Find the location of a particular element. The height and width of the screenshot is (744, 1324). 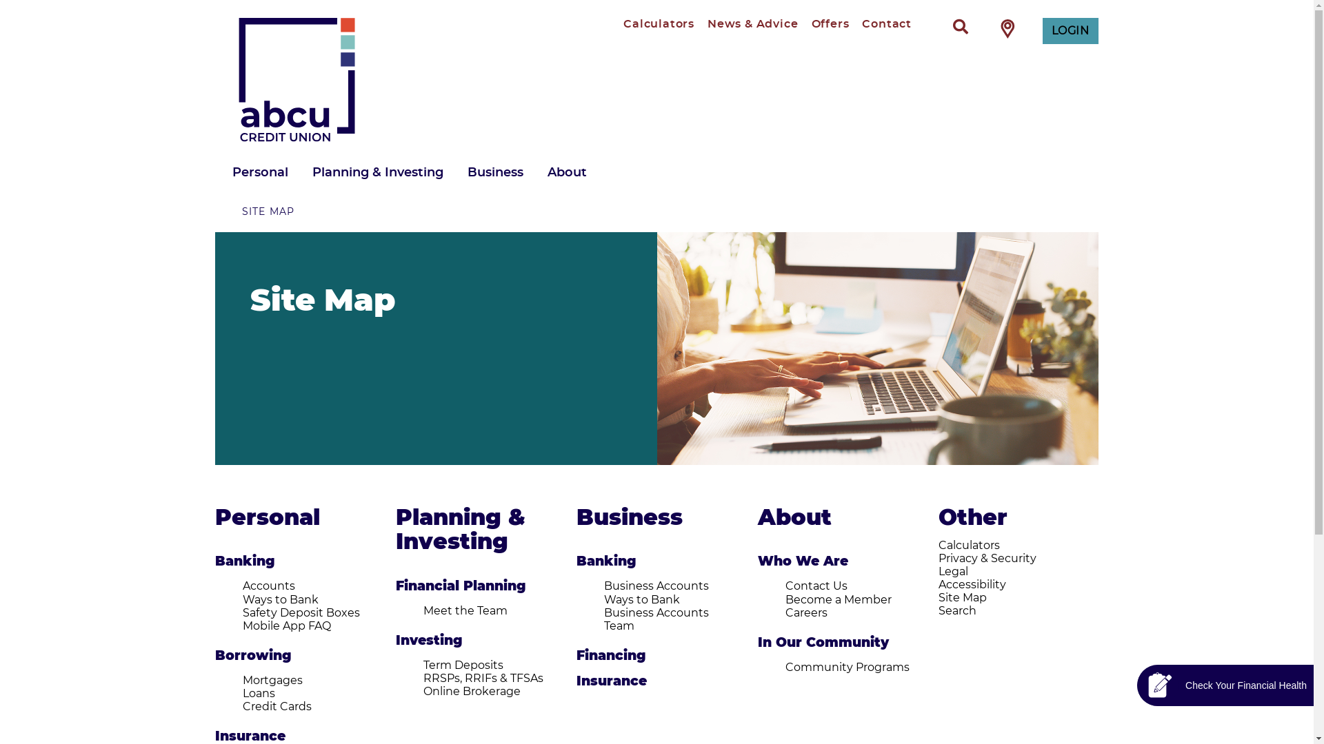

'Credit Cards' is located at coordinates (277, 707).